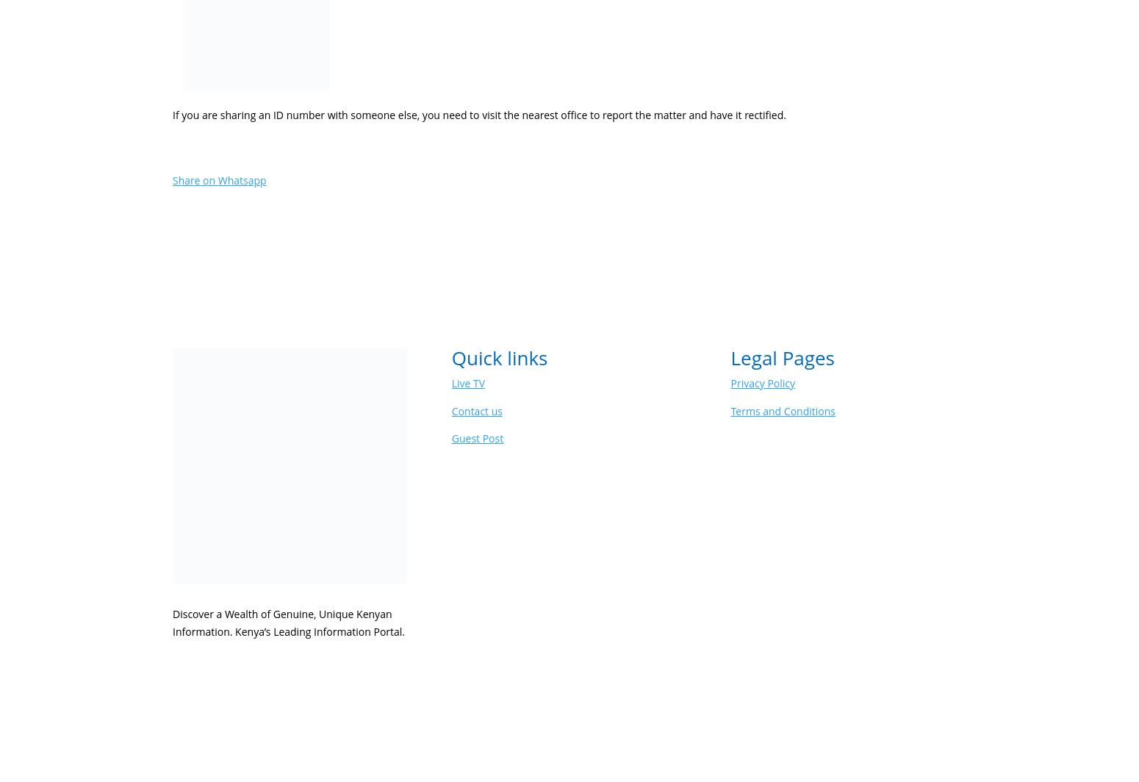 The image size is (1139, 782). What do you see at coordinates (172, 114) in the screenshot?
I see `'If you are sharing an ID number with someone else, you need to visit the nearest office to report the matter and have it rectified.'` at bounding box center [172, 114].